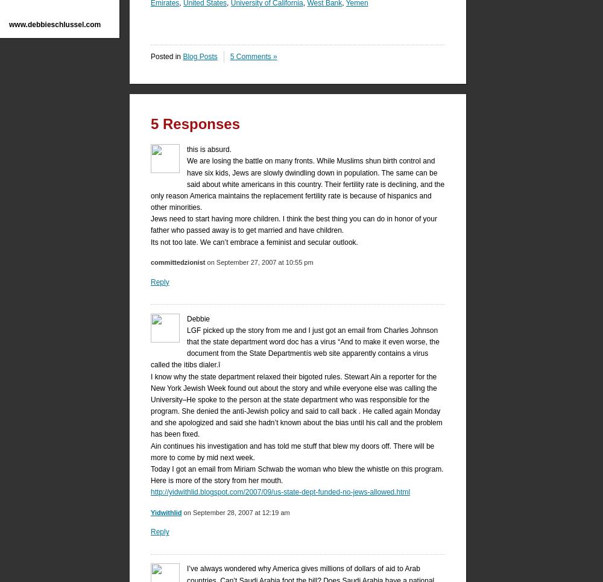 The height and width of the screenshot is (582, 603). I want to click on 'Posted in', so click(166, 55).